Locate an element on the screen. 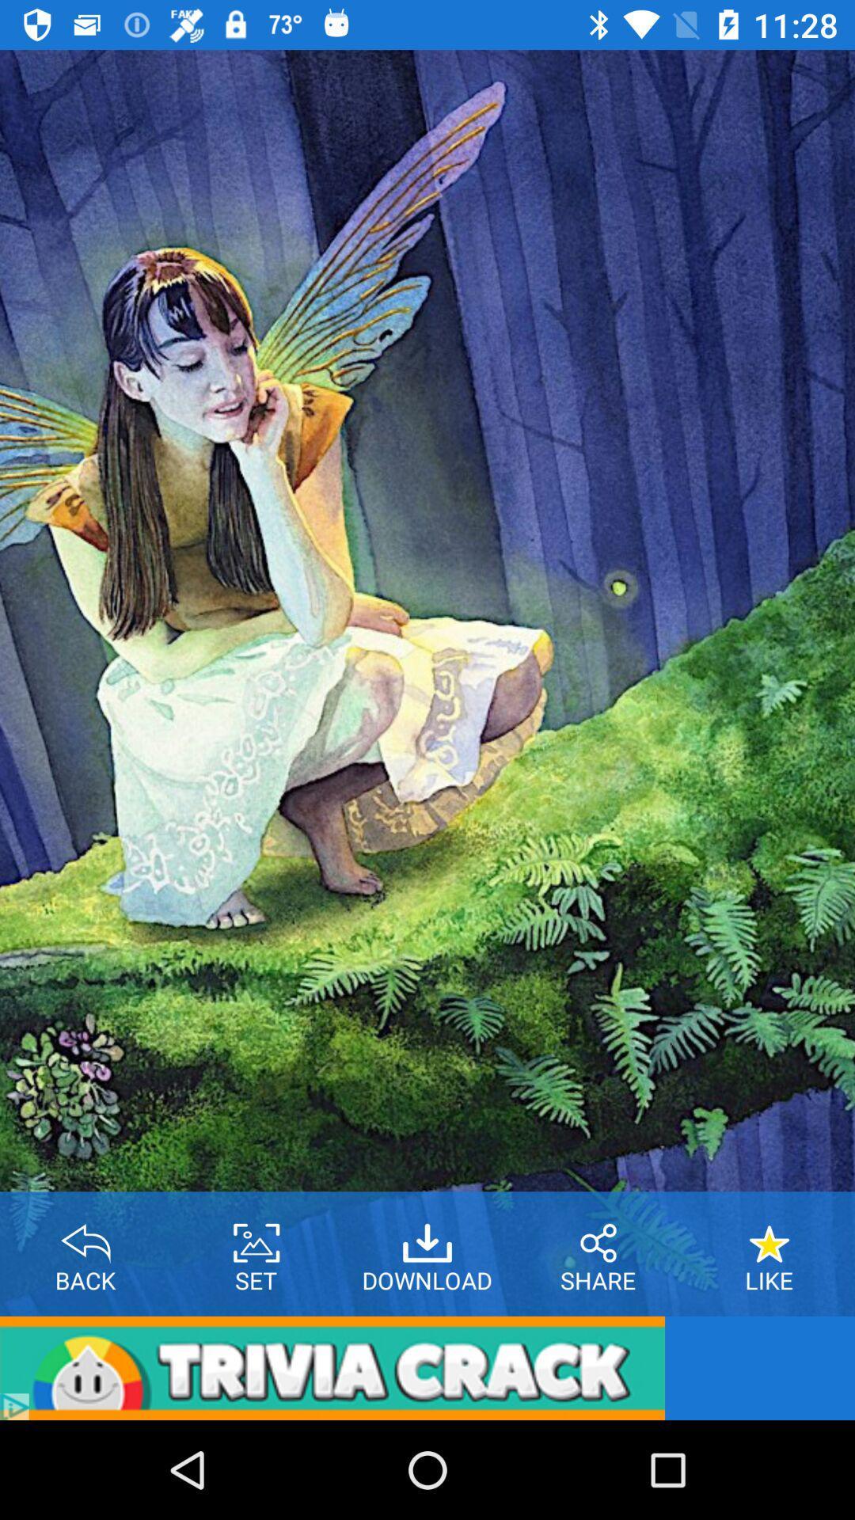  open trivia crack is located at coordinates (332, 1367).